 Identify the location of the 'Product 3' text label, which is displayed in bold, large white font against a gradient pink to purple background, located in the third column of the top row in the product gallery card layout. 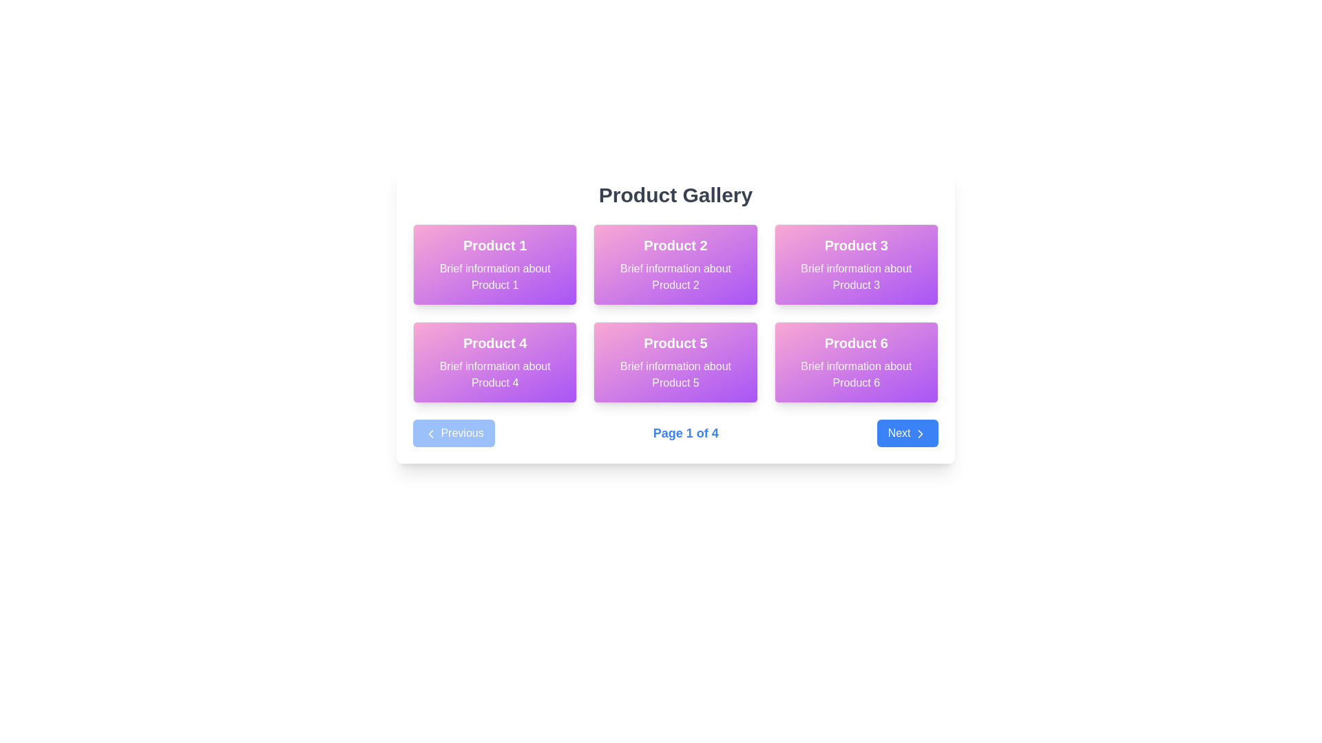
(855, 245).